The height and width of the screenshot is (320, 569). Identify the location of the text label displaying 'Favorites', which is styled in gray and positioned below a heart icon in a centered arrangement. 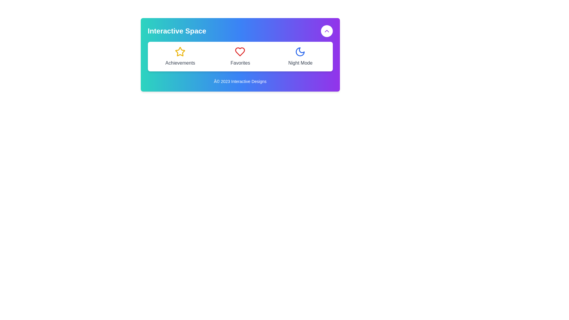
(240, 63).